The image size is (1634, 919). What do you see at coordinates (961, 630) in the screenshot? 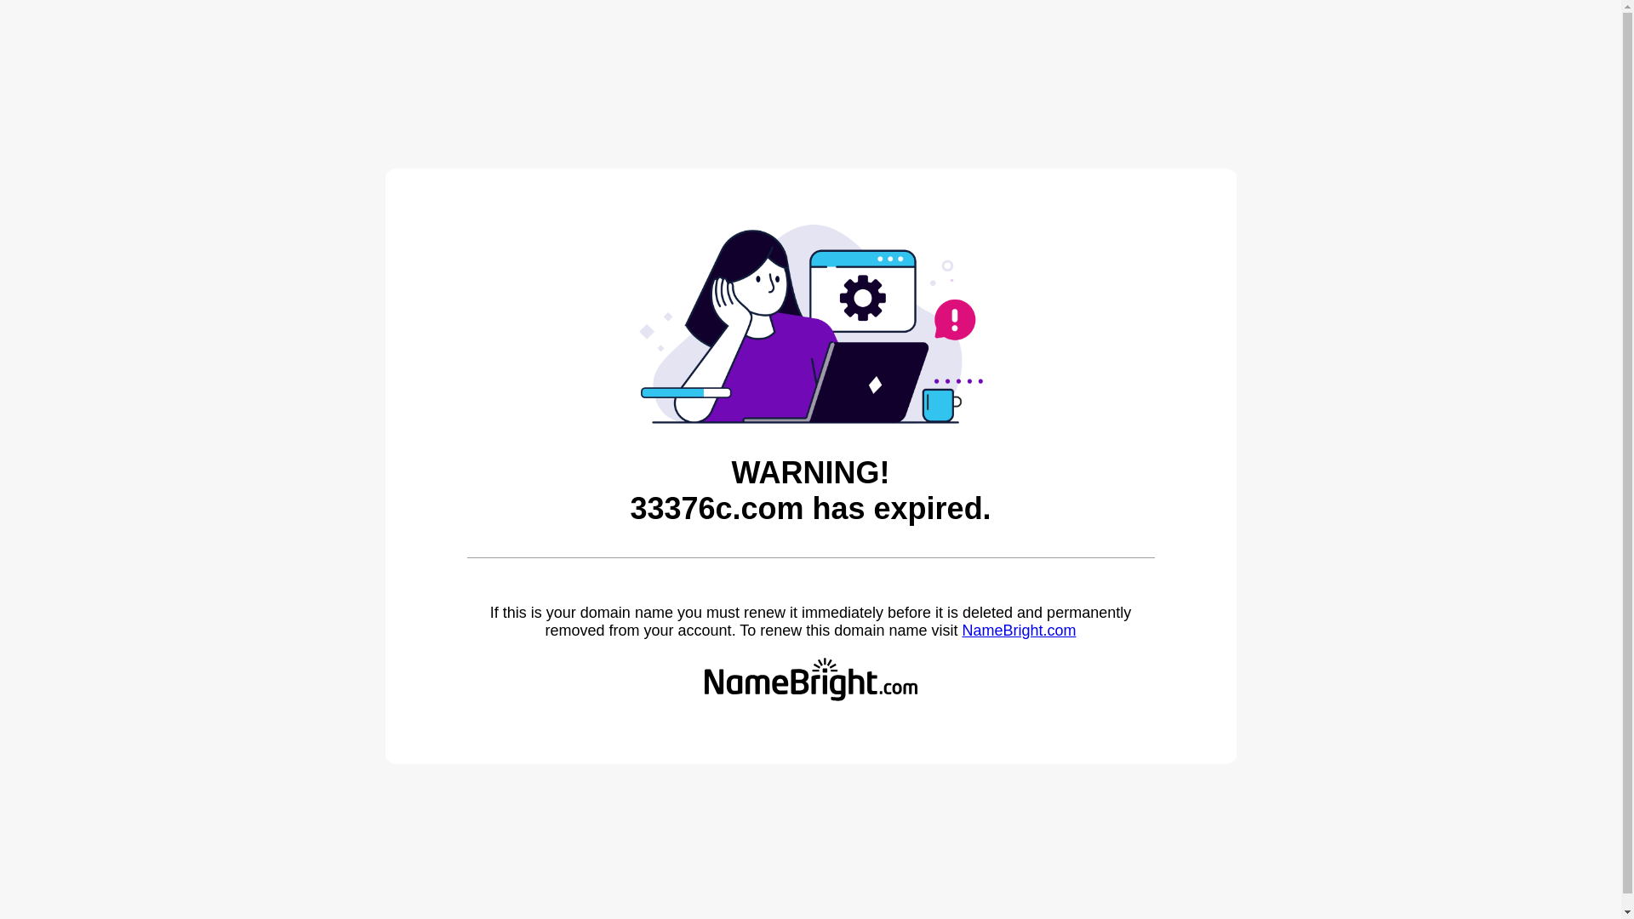
I see `'NameBright.com'` at bounding box center [961, 630].